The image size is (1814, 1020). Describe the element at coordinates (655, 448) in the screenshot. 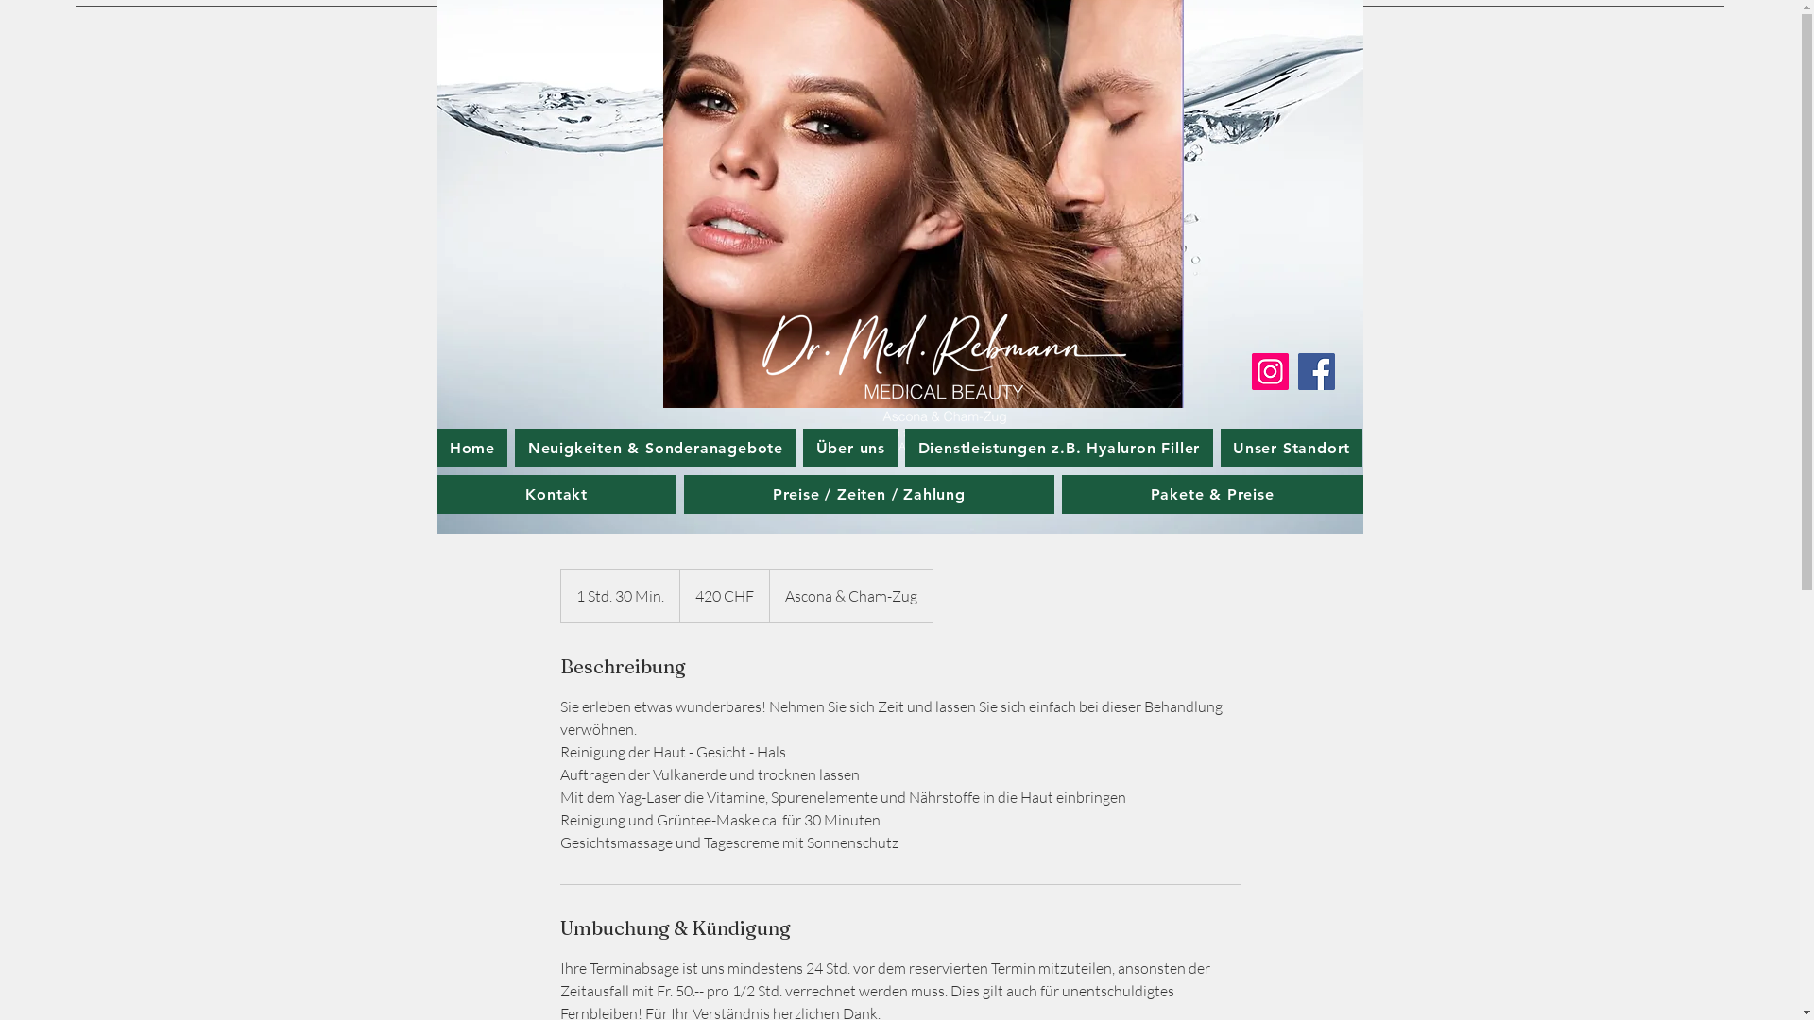

I see `'Neuigkeiten & Sonderanagebote'` at that location.